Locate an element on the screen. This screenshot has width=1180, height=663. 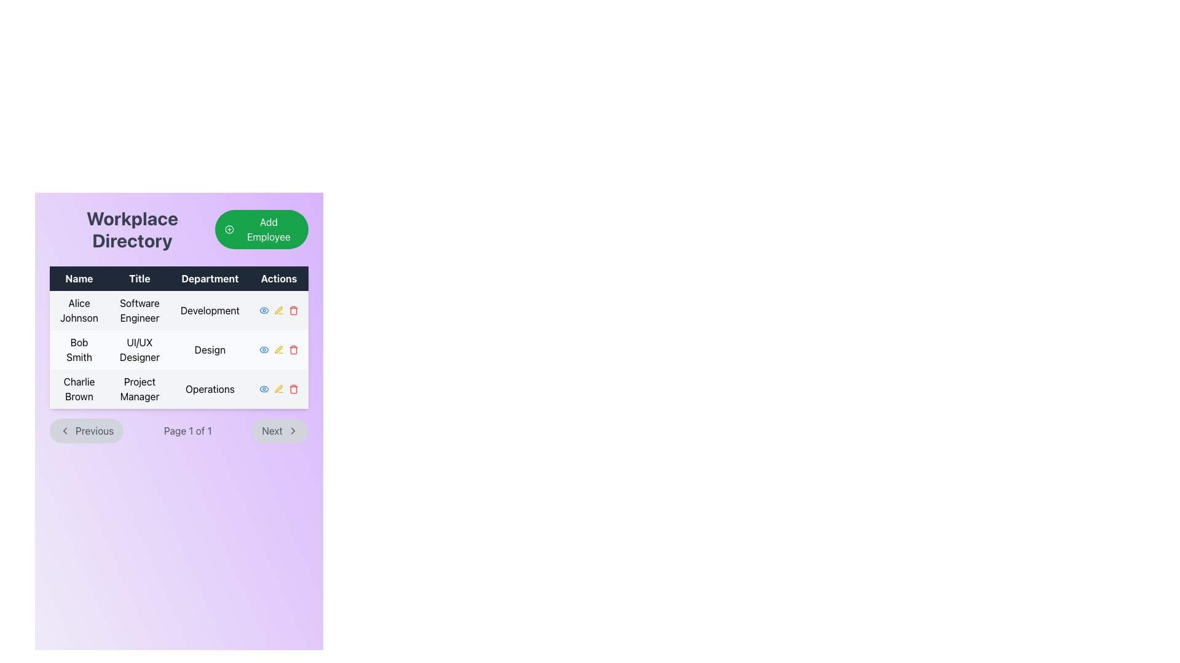
the Static text display in the 'Department' column of the first row, which provides information about Alice Johnson's department is located at coordinates (210, 309).